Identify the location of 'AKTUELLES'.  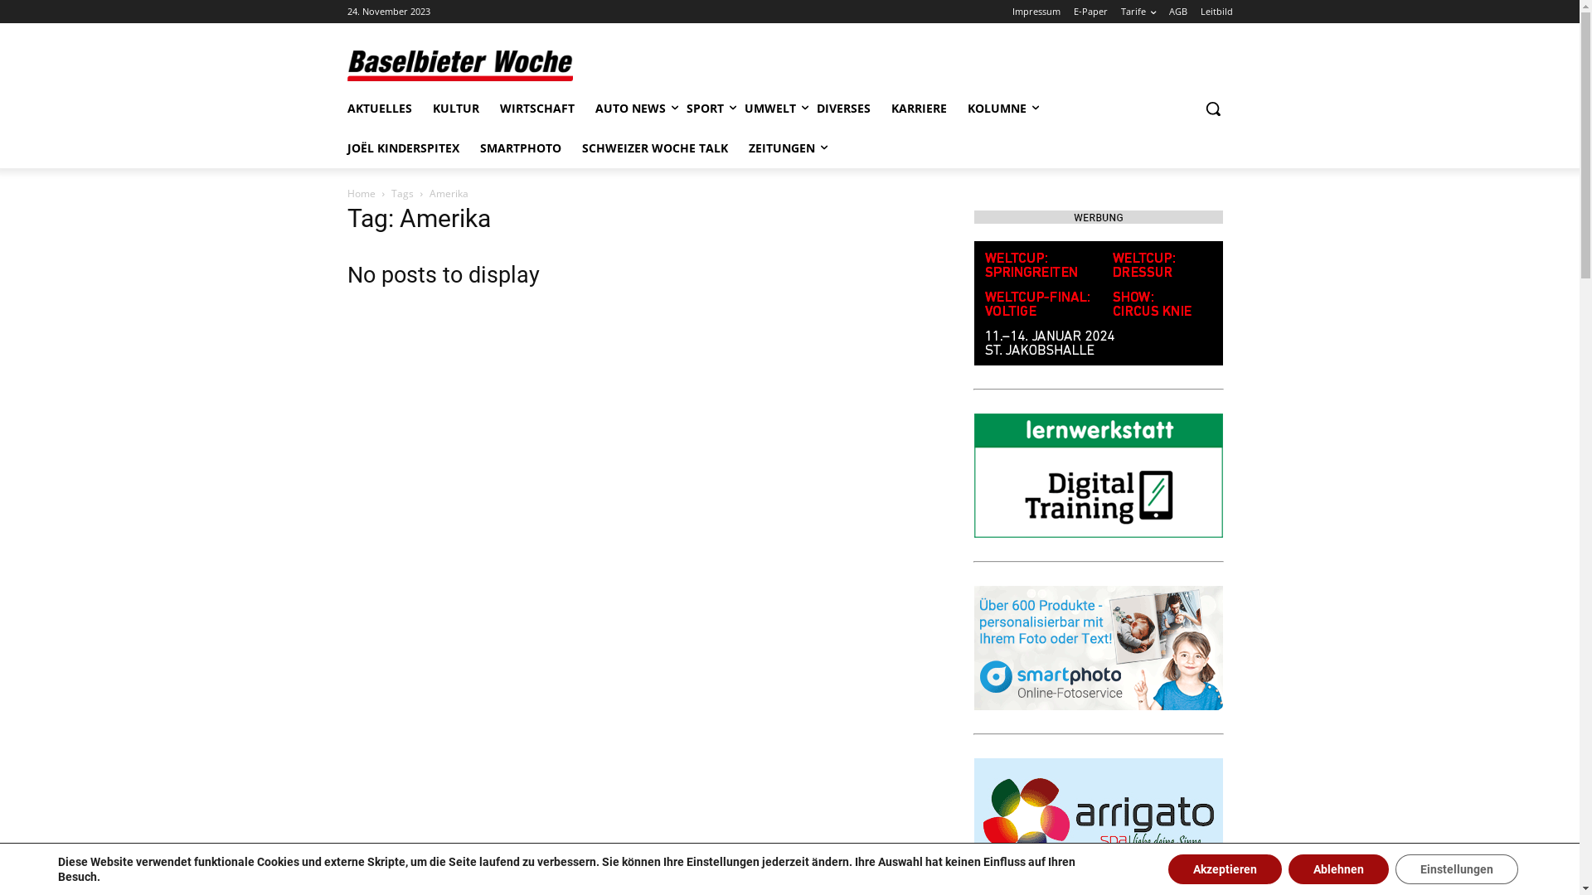
(345, 109).